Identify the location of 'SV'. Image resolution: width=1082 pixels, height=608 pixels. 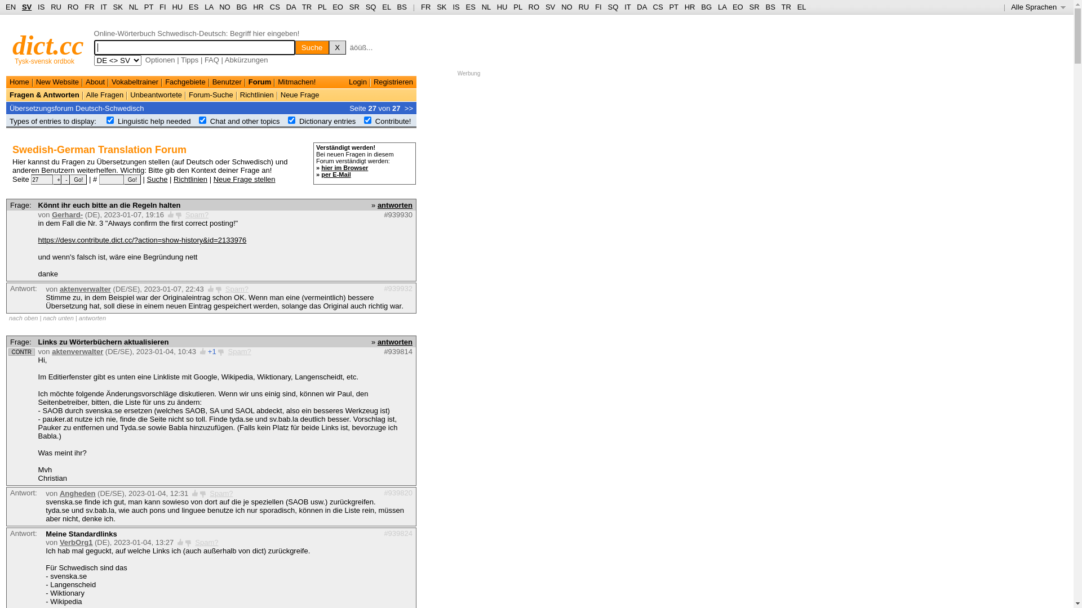
(26, 7).